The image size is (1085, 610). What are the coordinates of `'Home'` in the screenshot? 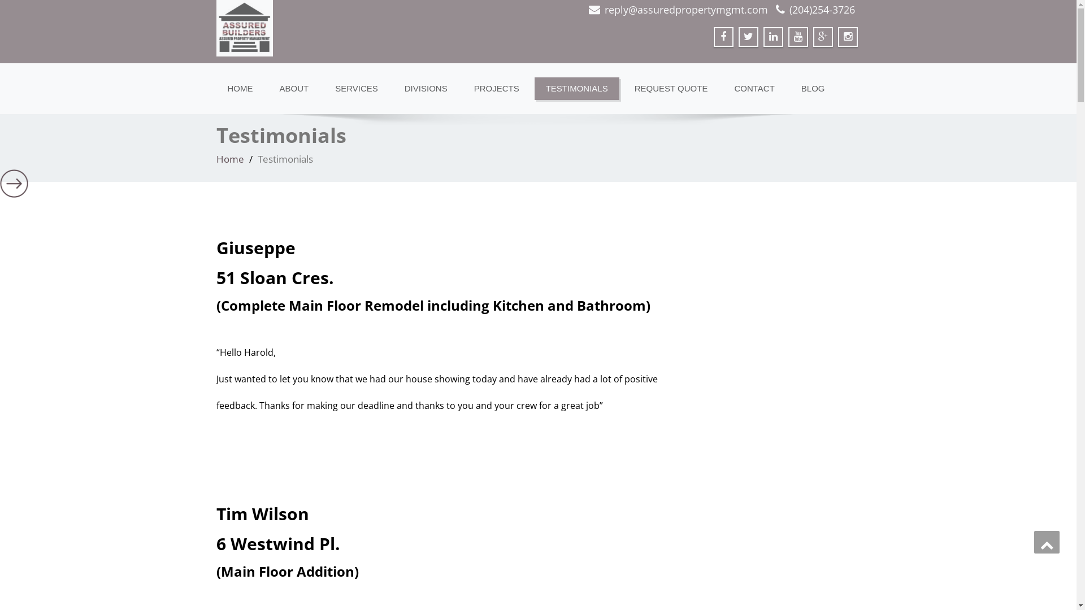 It's located at (216, 159).